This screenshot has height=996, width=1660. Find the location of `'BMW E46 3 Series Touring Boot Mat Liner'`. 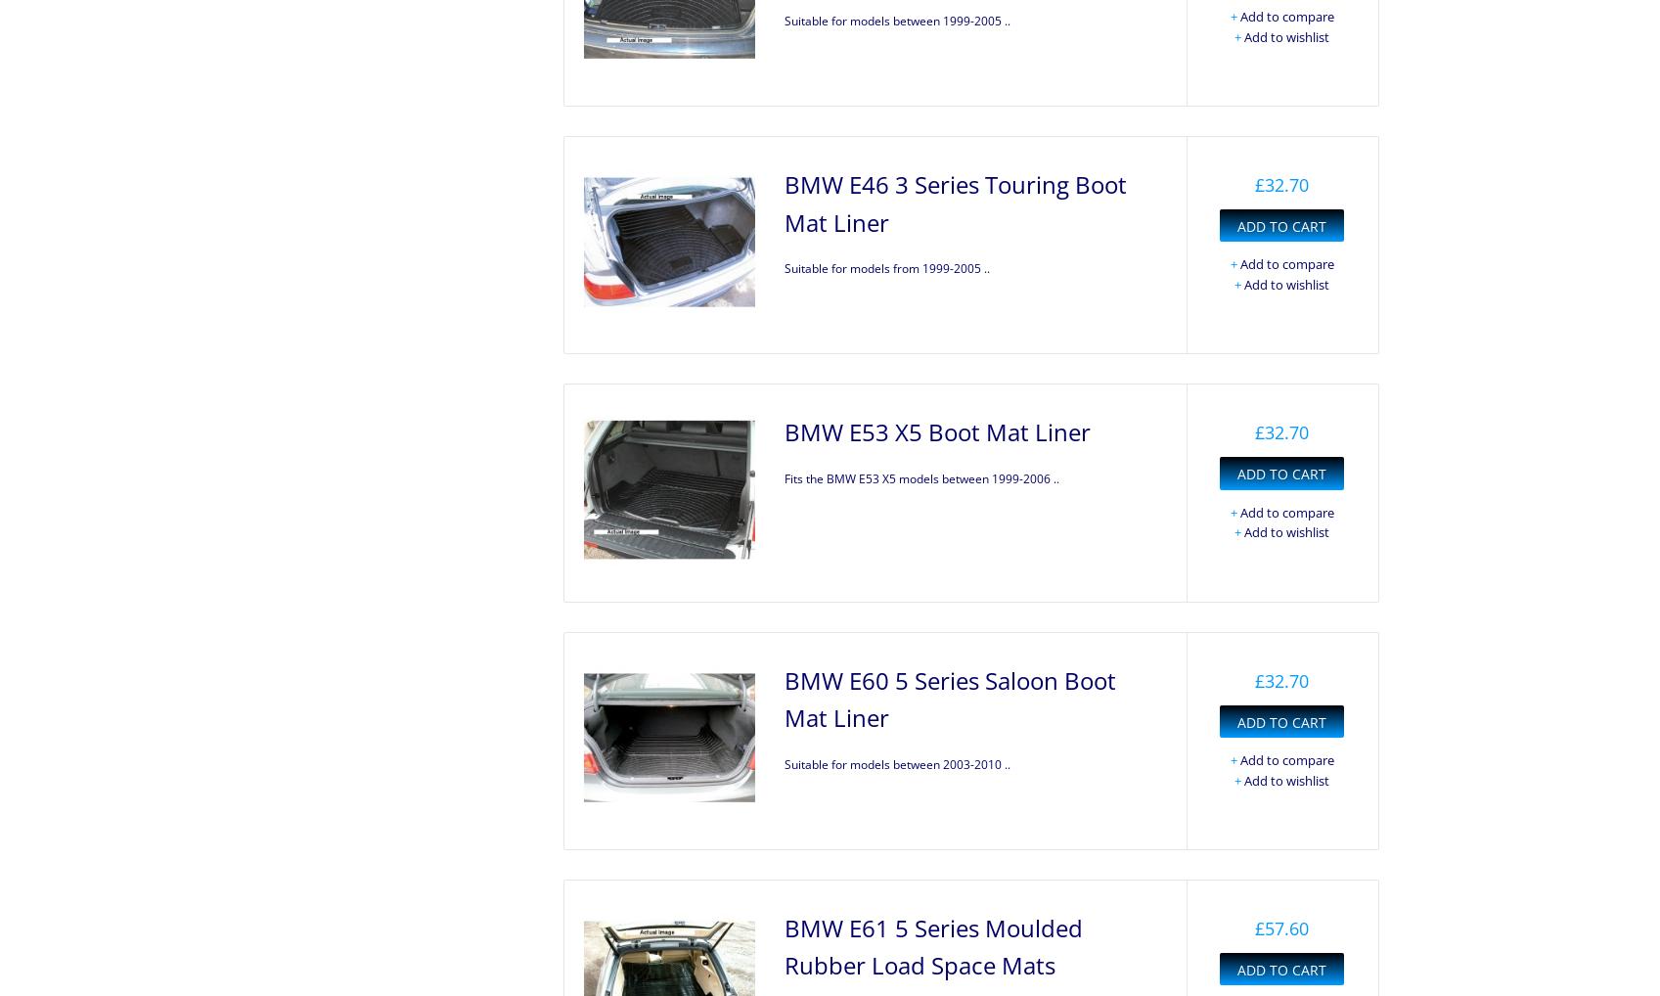

'BMW E46 3 Series Touring Boot Mat Liner' is located at coordinates (955, 202).